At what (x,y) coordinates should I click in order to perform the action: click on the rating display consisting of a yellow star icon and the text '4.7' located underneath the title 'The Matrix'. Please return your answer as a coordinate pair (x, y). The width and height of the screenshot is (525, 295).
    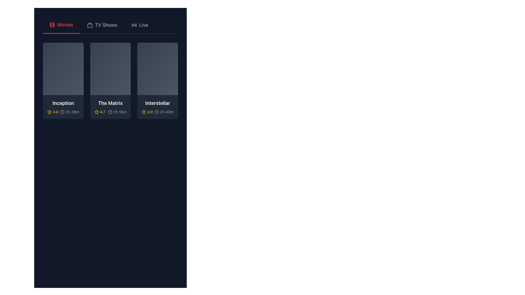
    Looking at the image, I should click on (100, 111).